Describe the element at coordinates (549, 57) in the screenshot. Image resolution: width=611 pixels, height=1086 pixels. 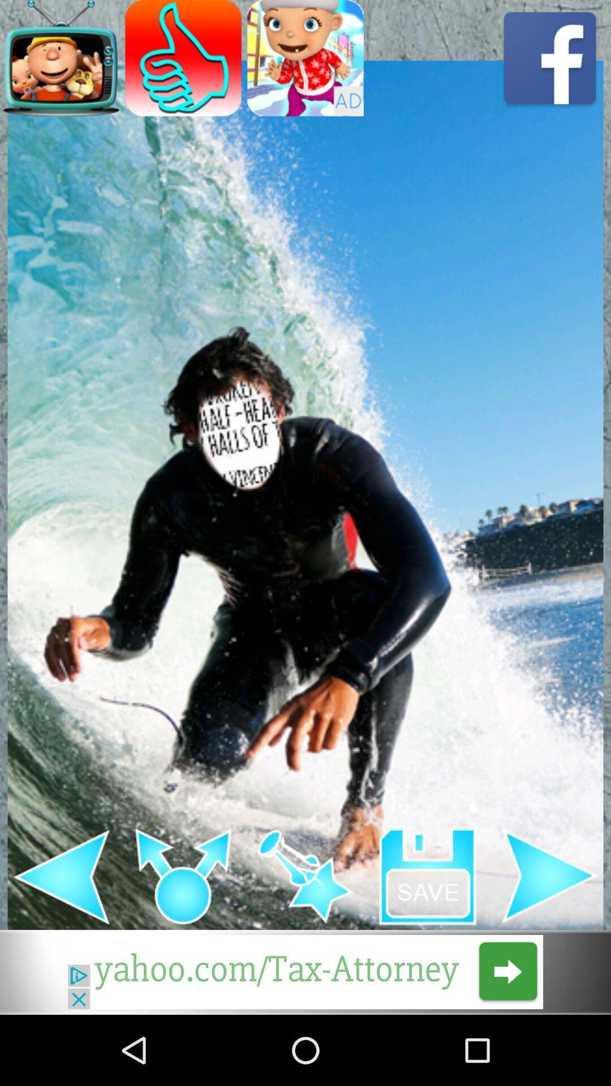
I see `link to facebook` at that location.